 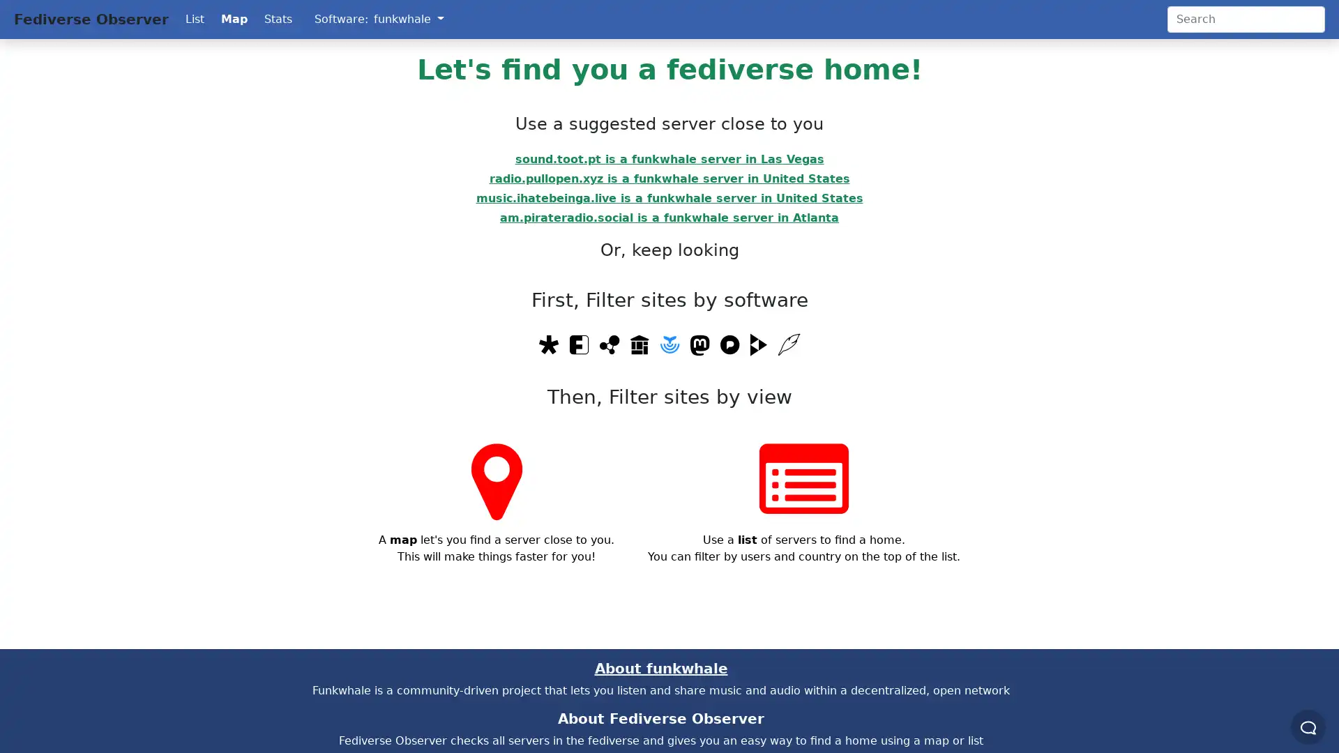 I want to click on funkwhale, so click(x=407, y=19).